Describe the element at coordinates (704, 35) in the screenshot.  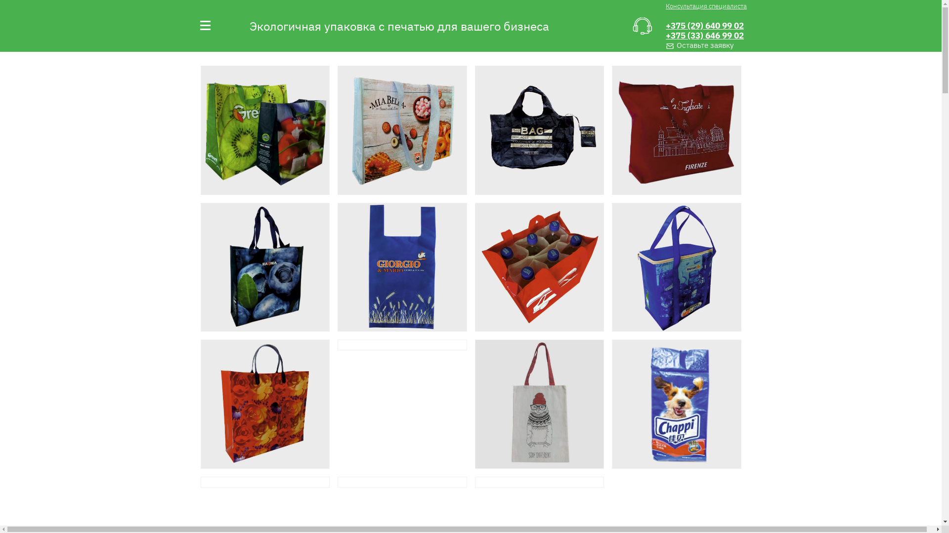
I see `'+375 (33) 646 99 02'` at that location.